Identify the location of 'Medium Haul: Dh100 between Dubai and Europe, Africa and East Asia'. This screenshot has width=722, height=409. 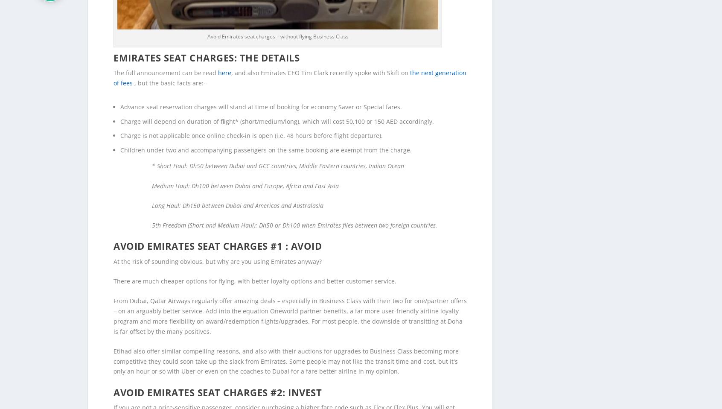
(245, 172).